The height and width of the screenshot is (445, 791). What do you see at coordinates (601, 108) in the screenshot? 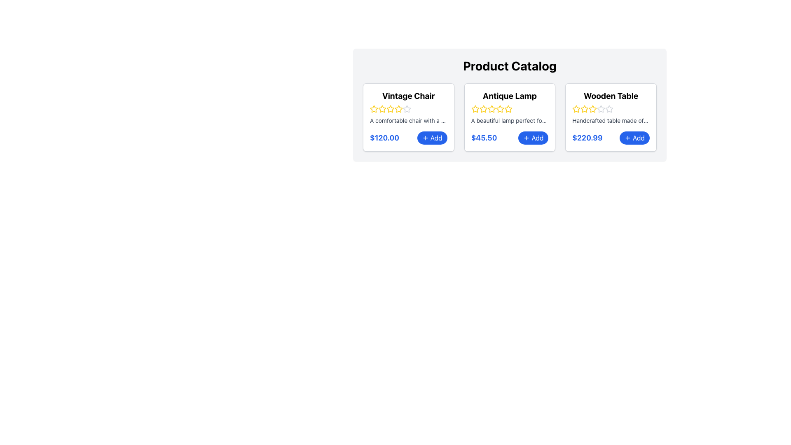
I see `the third star icon in the 5-star rating system for the 'Wooden Table' product, located at the top-middle part of the product card` at bounding box center [601, 108].